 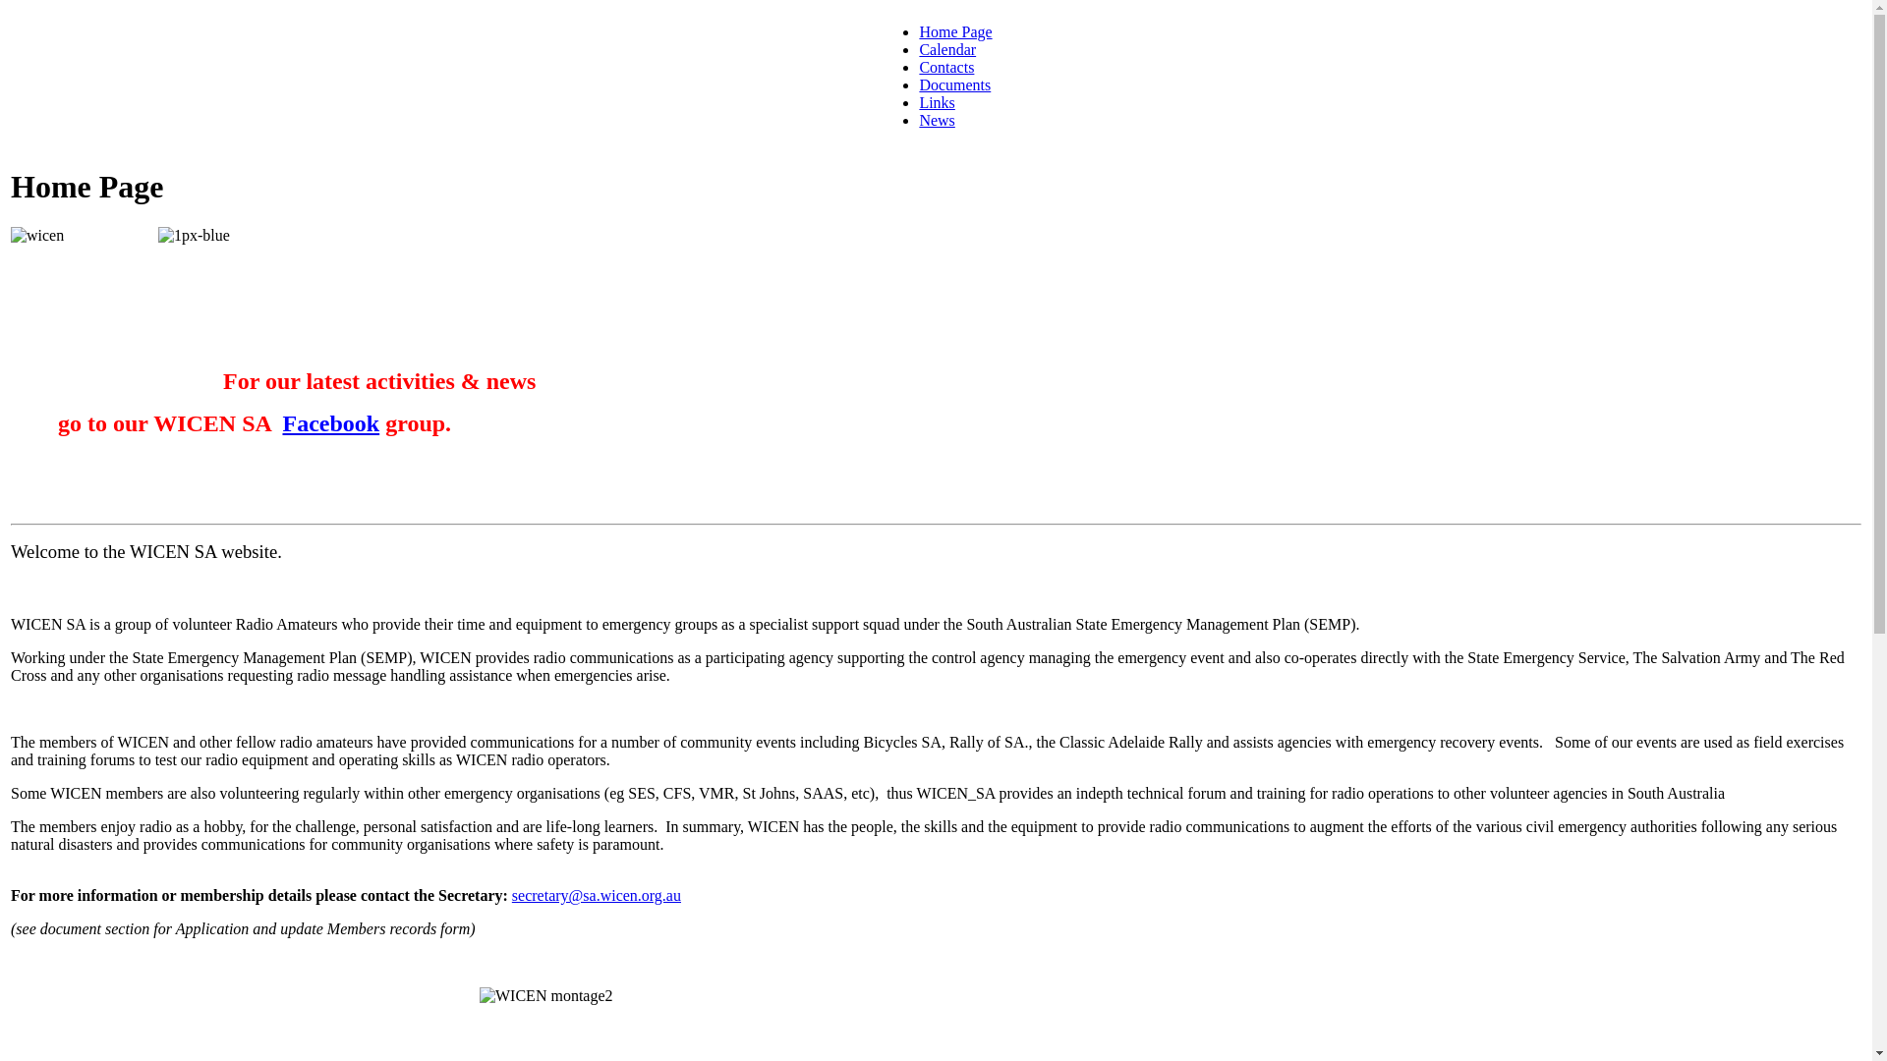 I want to click on 'Documents', so click(x=954, y=84).